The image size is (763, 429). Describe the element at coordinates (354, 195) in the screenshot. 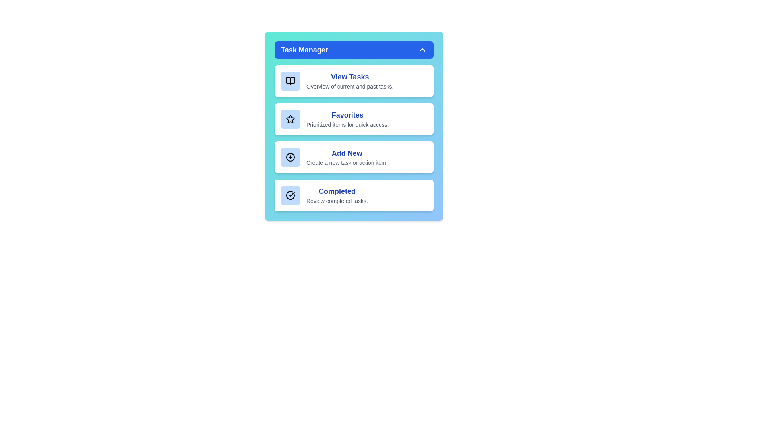

I see `the list item Completed to view its hover effect` at that location.